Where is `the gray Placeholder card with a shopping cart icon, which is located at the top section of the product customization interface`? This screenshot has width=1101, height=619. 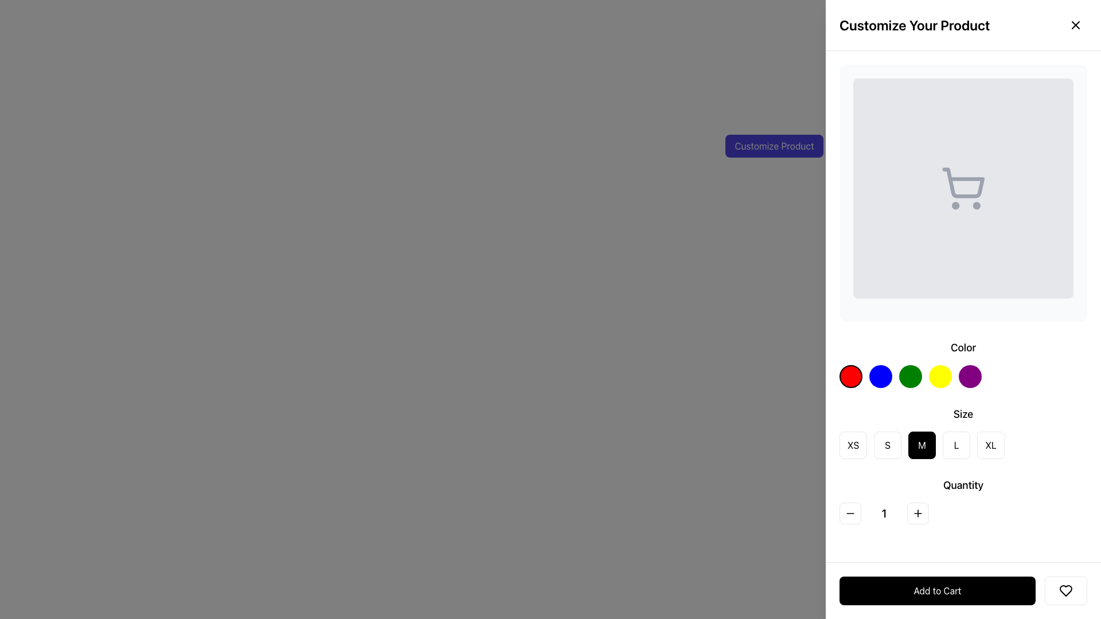 the gray Placeholder card with a shopping cart icon, which is located at the top section of the product customization interface is located at coordinates (963, 192).